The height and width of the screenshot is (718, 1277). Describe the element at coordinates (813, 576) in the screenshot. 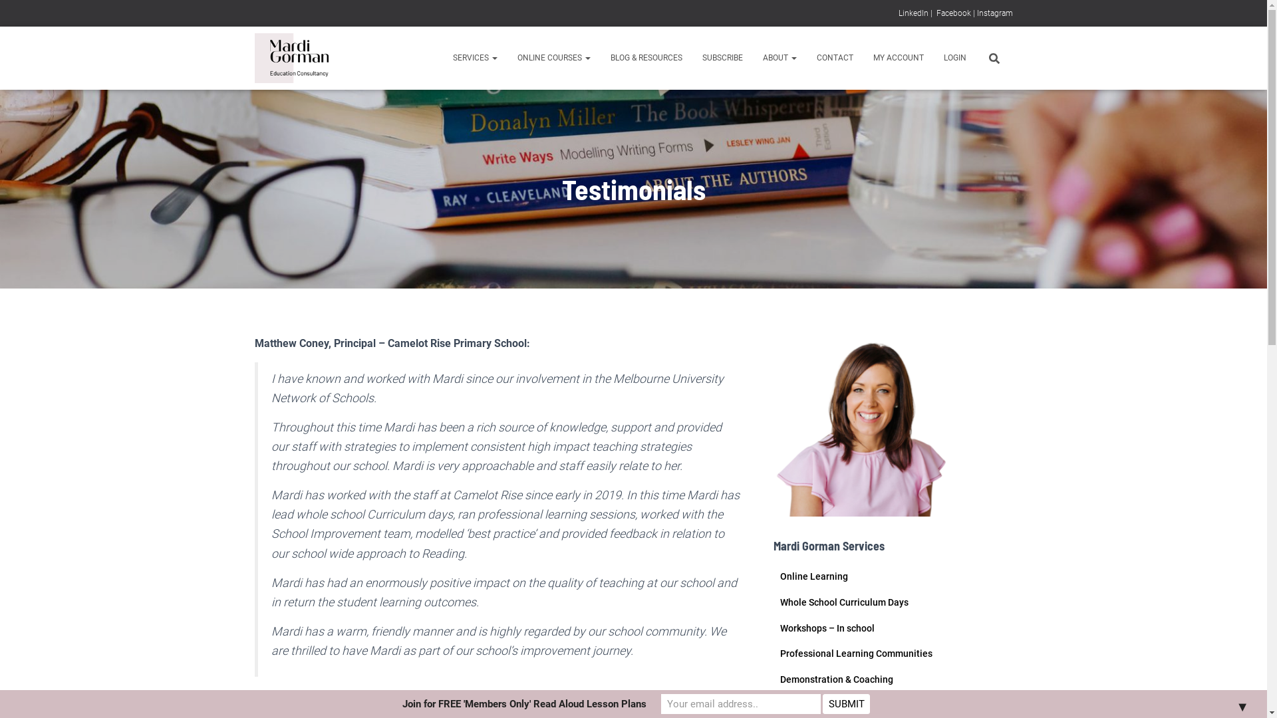

I see `'Online Learning'` at that location.